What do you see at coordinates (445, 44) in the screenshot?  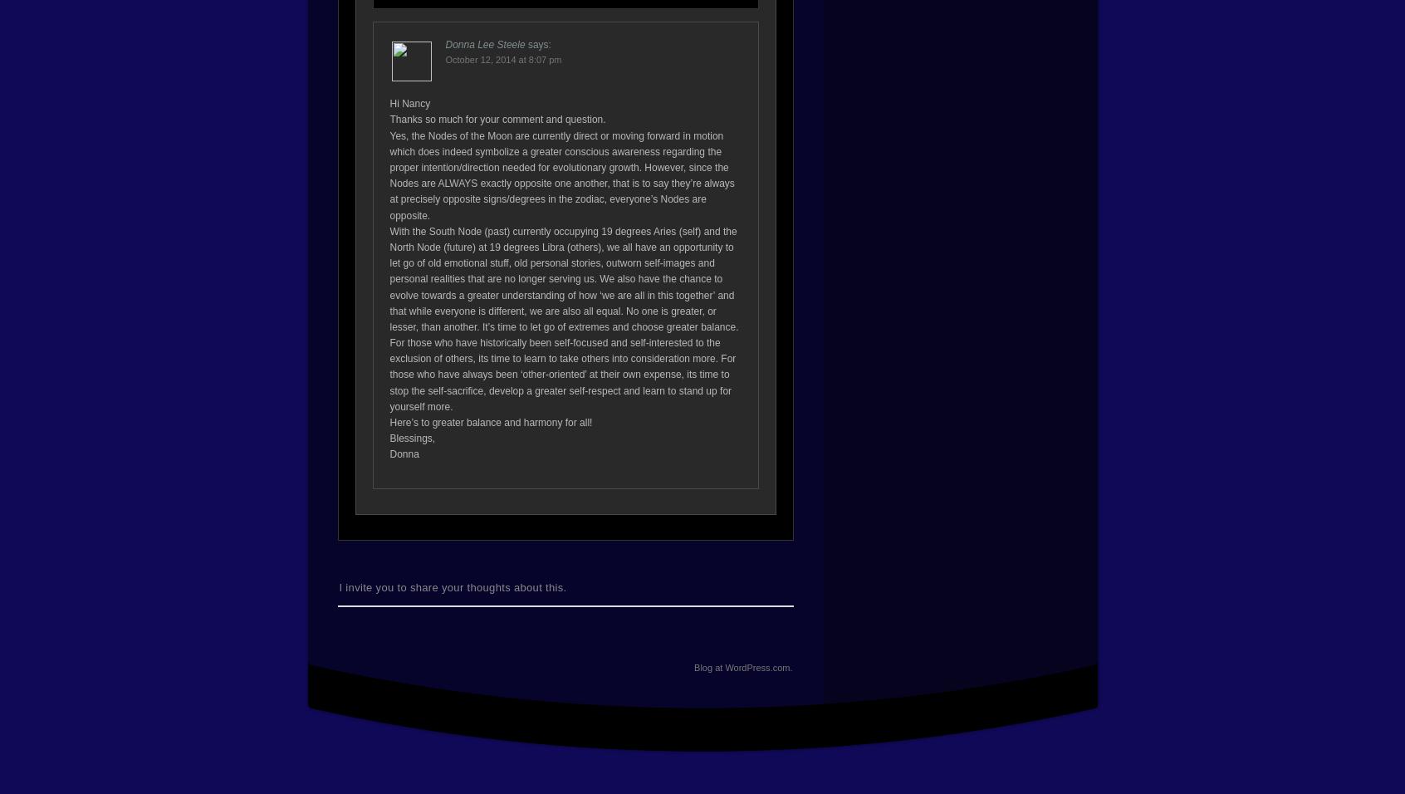 I see `'Donna Lee Steele'` at bounding box center [445, 44].